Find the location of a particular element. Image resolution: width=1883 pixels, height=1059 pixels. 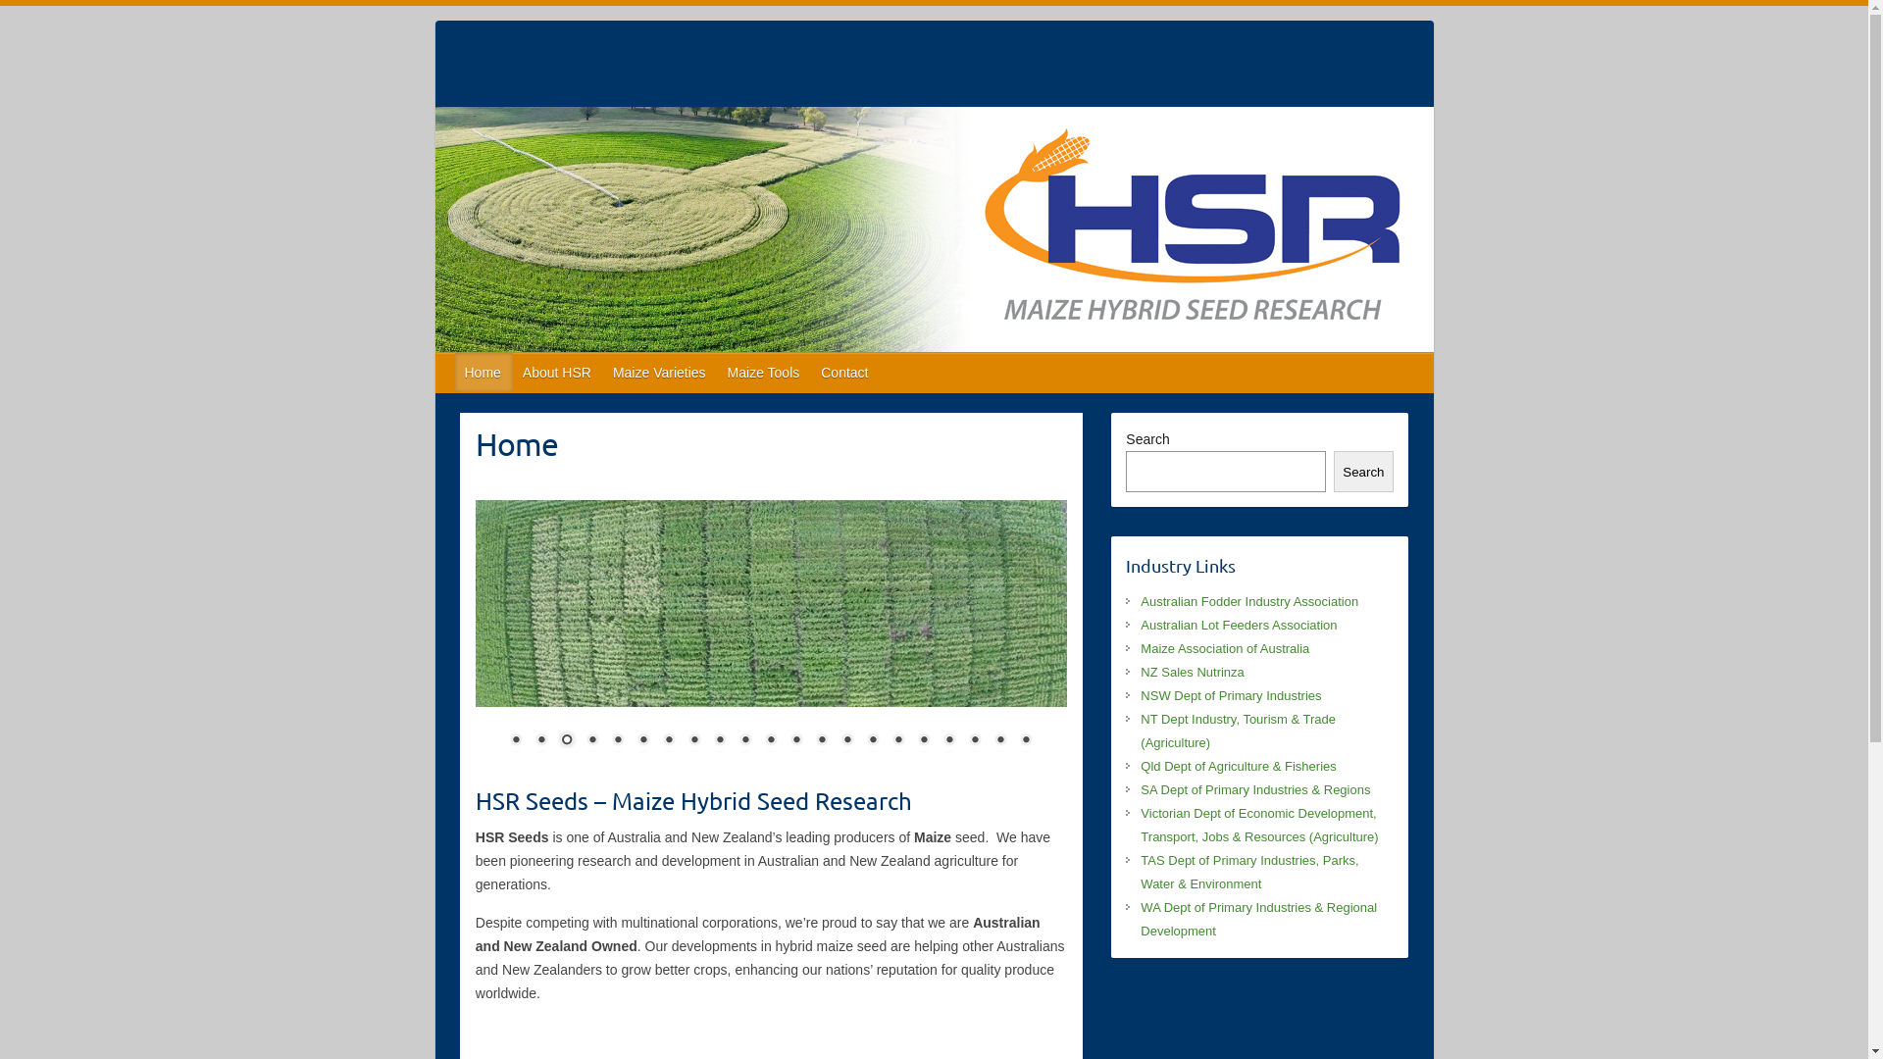

'9' is located at coordinates (719, 741).